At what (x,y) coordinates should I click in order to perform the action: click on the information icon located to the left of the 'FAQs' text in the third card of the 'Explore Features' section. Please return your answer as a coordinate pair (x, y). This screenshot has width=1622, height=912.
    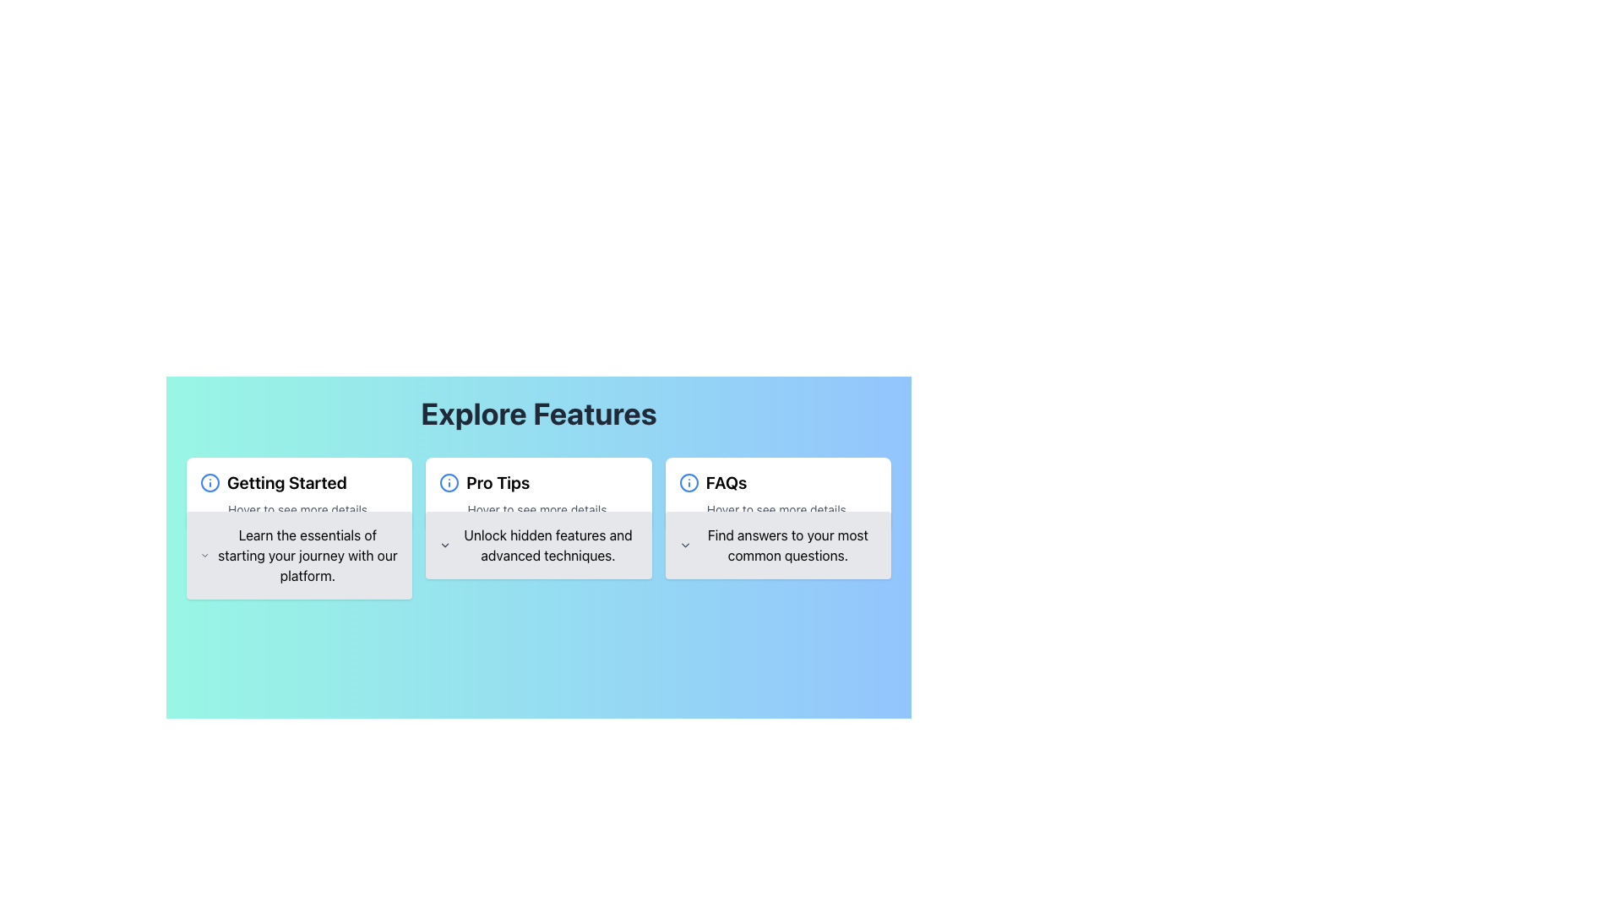
    Looking at the image, I should click on (689, 482).